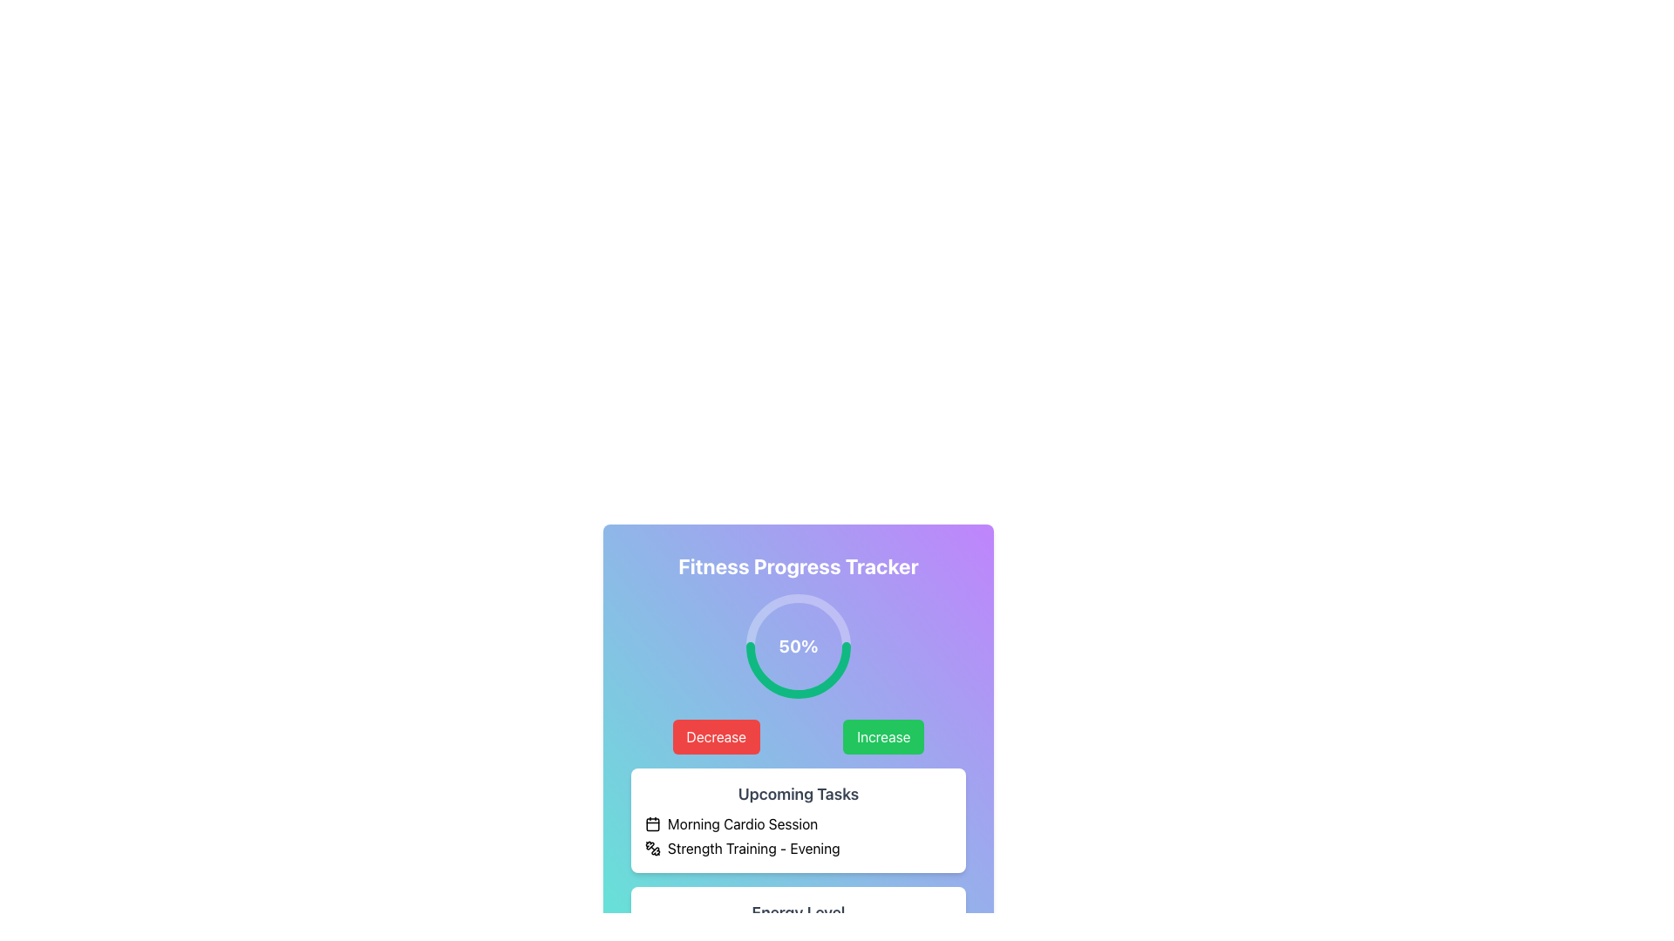 The width and height of the screenshot is (1674, 941). I want to click on the static list item labeled 'Morning Cardio Session' with a calendar icon, which is the first item under the 'Upcoming Tasks' section, so click(798, 823).